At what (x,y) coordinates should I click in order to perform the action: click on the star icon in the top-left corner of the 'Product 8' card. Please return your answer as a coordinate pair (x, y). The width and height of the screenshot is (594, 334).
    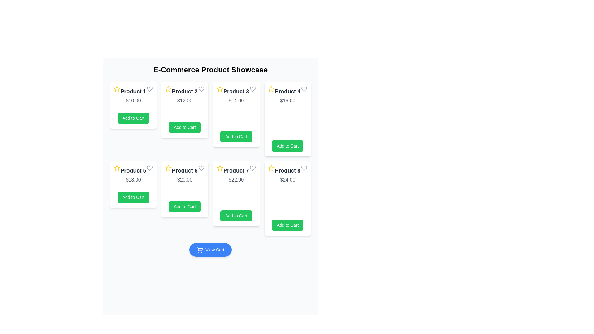
    Looking at the image, I should click on (271, 168).